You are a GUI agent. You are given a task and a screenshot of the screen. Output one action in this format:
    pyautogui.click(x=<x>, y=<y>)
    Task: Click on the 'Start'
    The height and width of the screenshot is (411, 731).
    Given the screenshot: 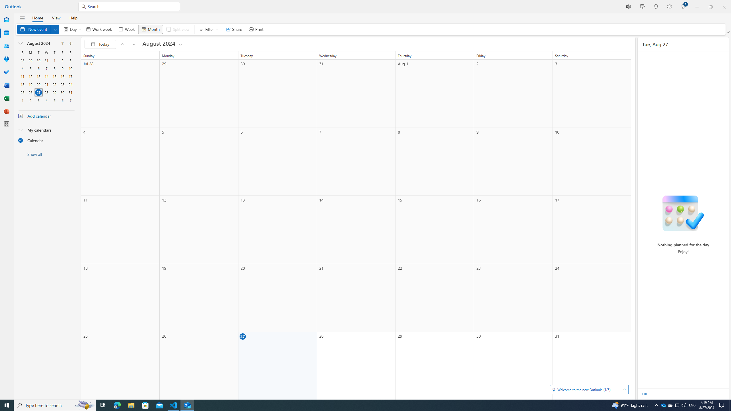 What is the action you would take?
    pyautogui.click(x=7, y=405)
    